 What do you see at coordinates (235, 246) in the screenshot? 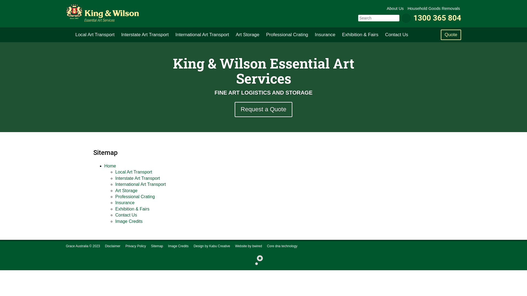
I see `'Website by bwired'` at bounding box center [235, 246].